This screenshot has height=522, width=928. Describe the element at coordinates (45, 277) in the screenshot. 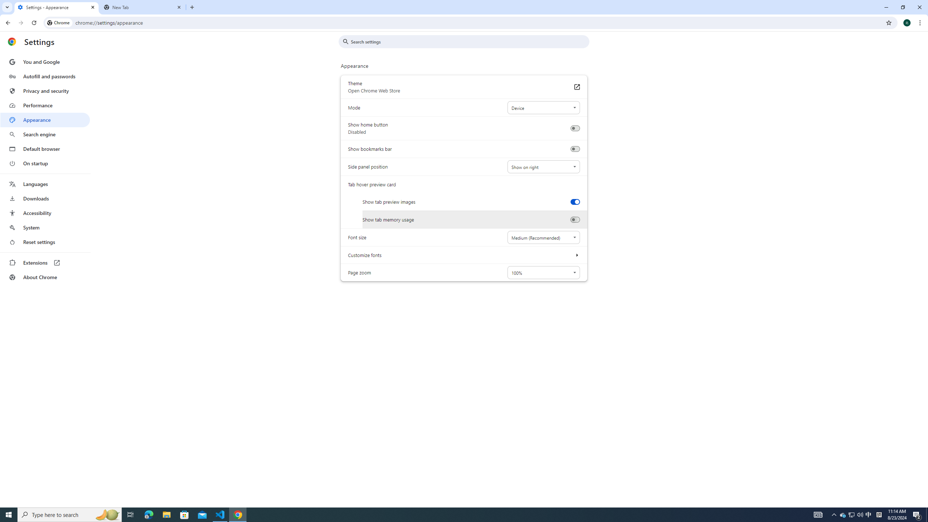

I see `'About Chrome'` at that location.